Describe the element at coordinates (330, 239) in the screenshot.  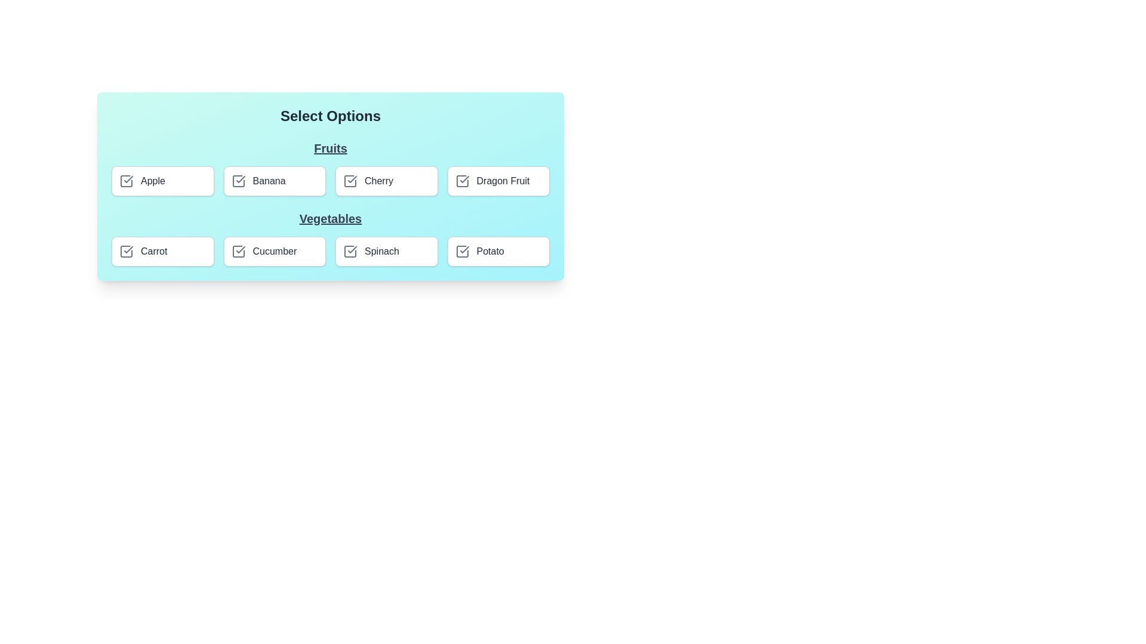
I see `the vegetable name in the grid-based selectable list interface` at that location.